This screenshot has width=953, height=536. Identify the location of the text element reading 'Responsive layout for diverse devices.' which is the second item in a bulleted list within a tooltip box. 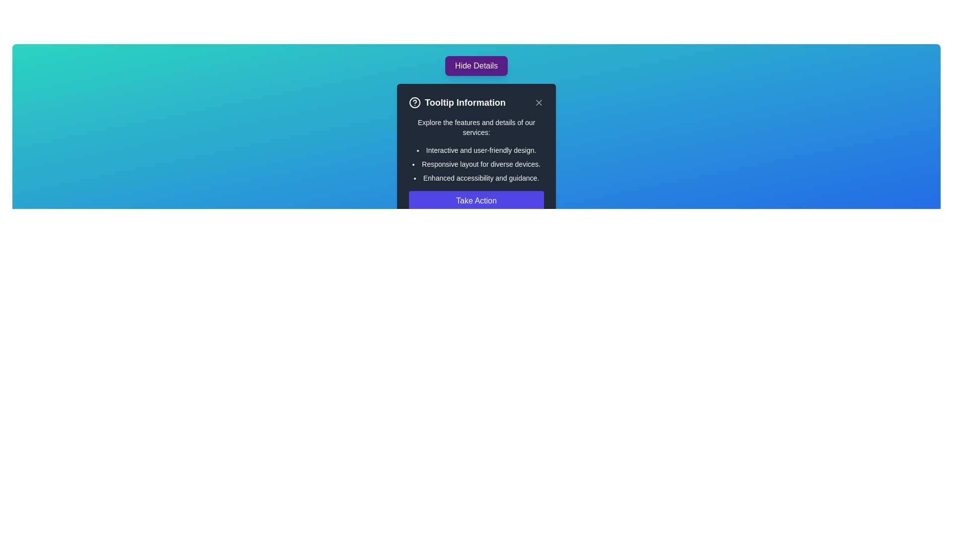
(476, 164).